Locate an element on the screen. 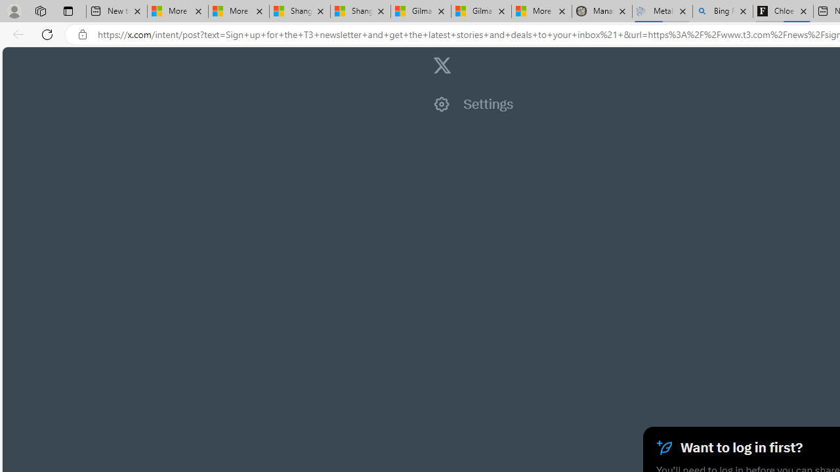 Image resolution: width=840 pixels, height=472 pixels. 'Shanghai, China weather forecast | Microsoft Weather' is located at coordinates (360, 11).